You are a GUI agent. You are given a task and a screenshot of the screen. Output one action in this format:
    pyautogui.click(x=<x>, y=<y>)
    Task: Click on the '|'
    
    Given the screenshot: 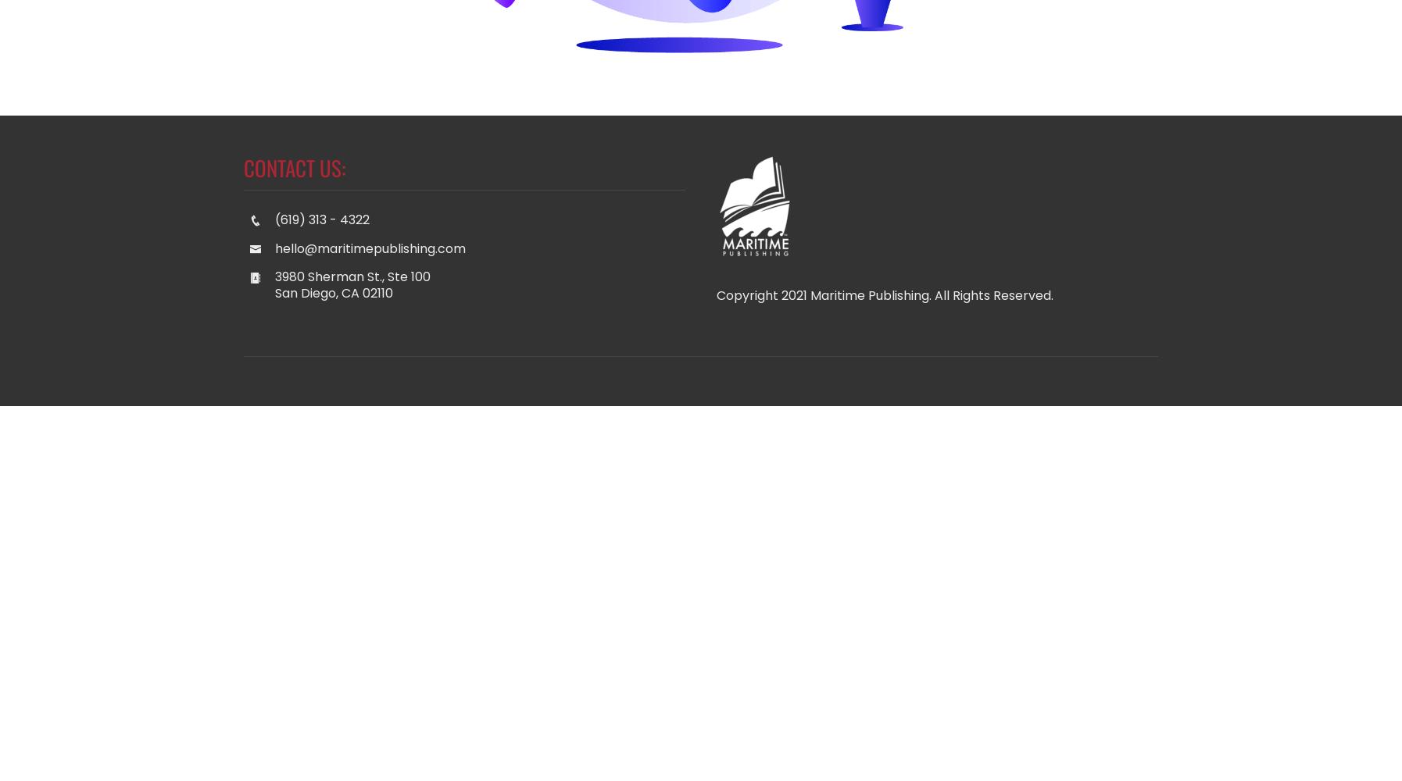 What is the action you would take?
    pyautogui.click(x=802, y=380)
    